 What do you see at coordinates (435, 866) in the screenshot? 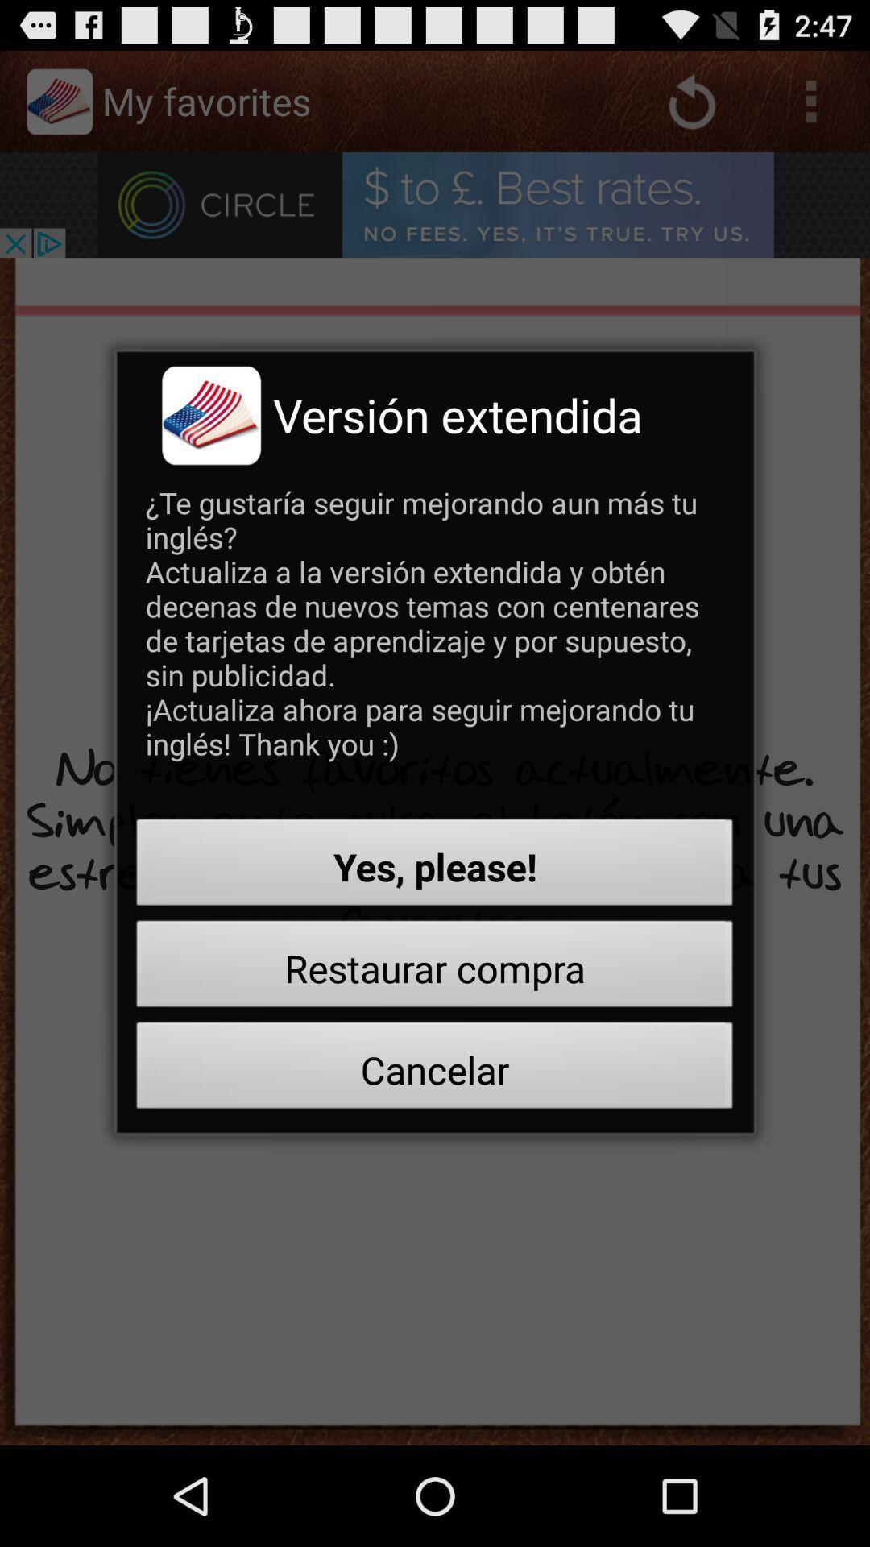
I see `the yes, please! icon` at bounding box center [435, 866].